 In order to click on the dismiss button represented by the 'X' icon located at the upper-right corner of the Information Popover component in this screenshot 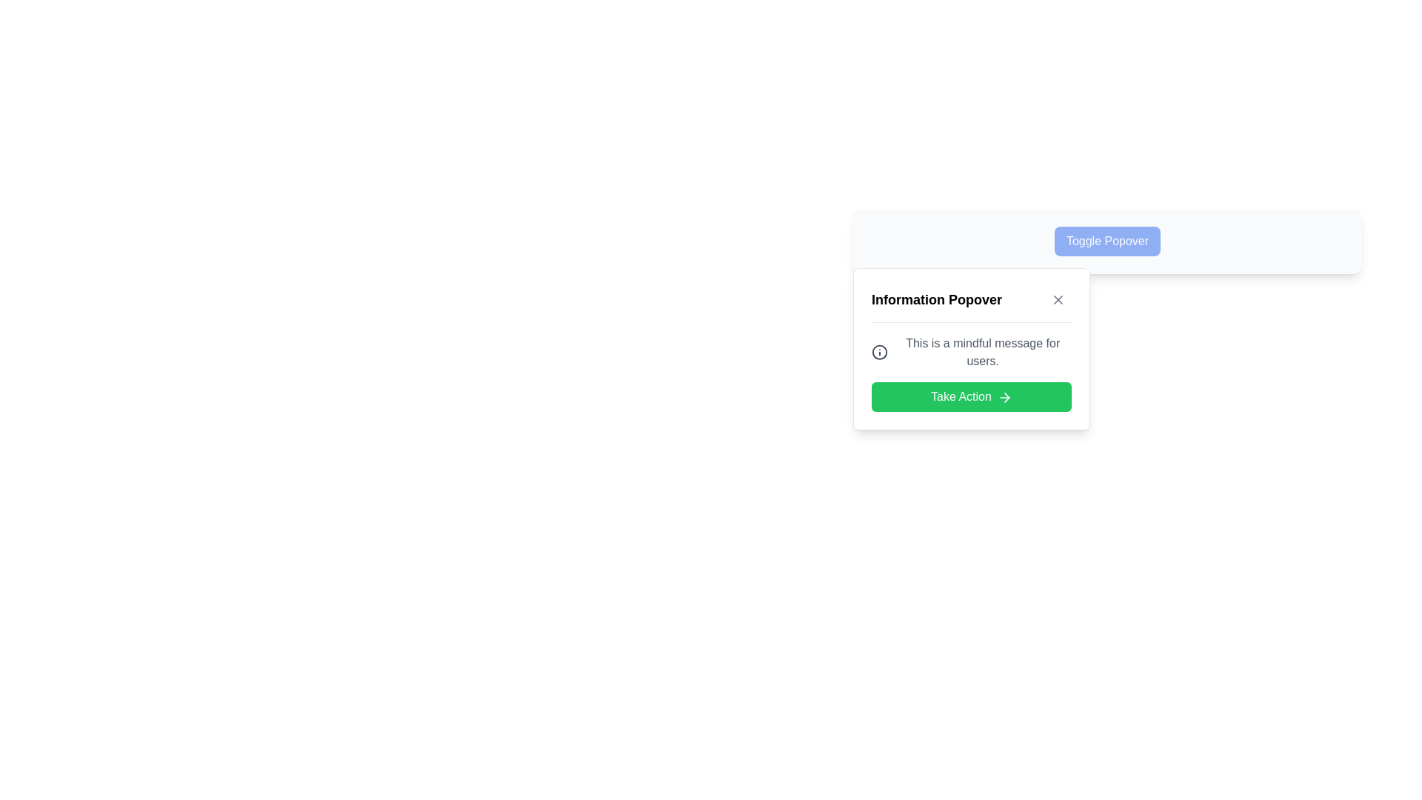, I will do `click(1058, 300)`.